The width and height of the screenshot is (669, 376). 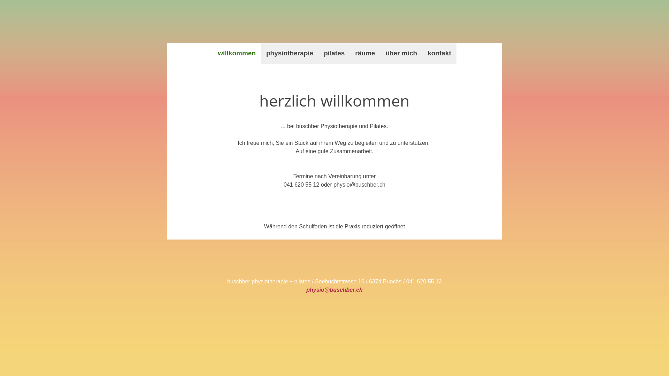 What do you see at coordinates (237, 53) in the screenshot?
I see `'willkommen'` at bounding box center [237, 53].